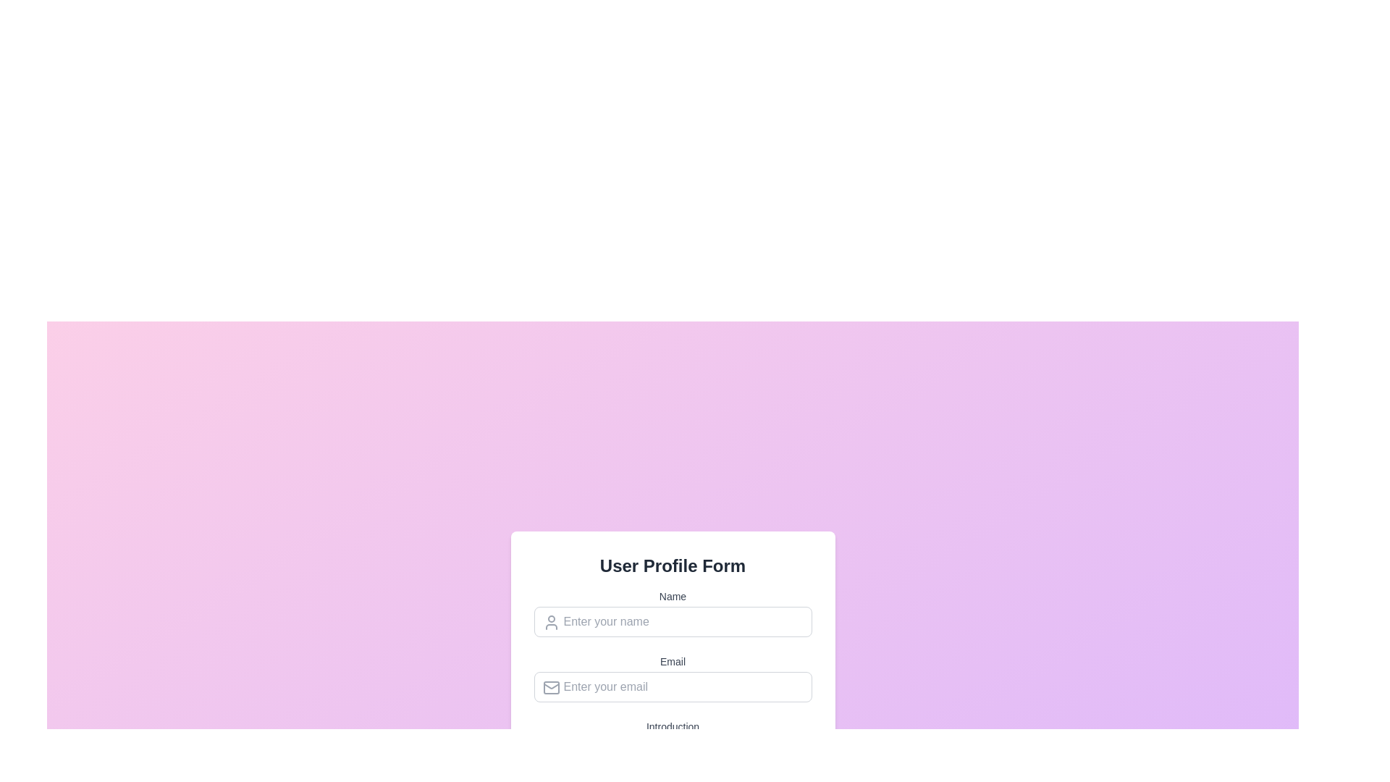  Describe the element at coordinates (550, 621) in the screenshot. I see `the user profile icon located to the left of the 'Enter your name' input field` at that location.